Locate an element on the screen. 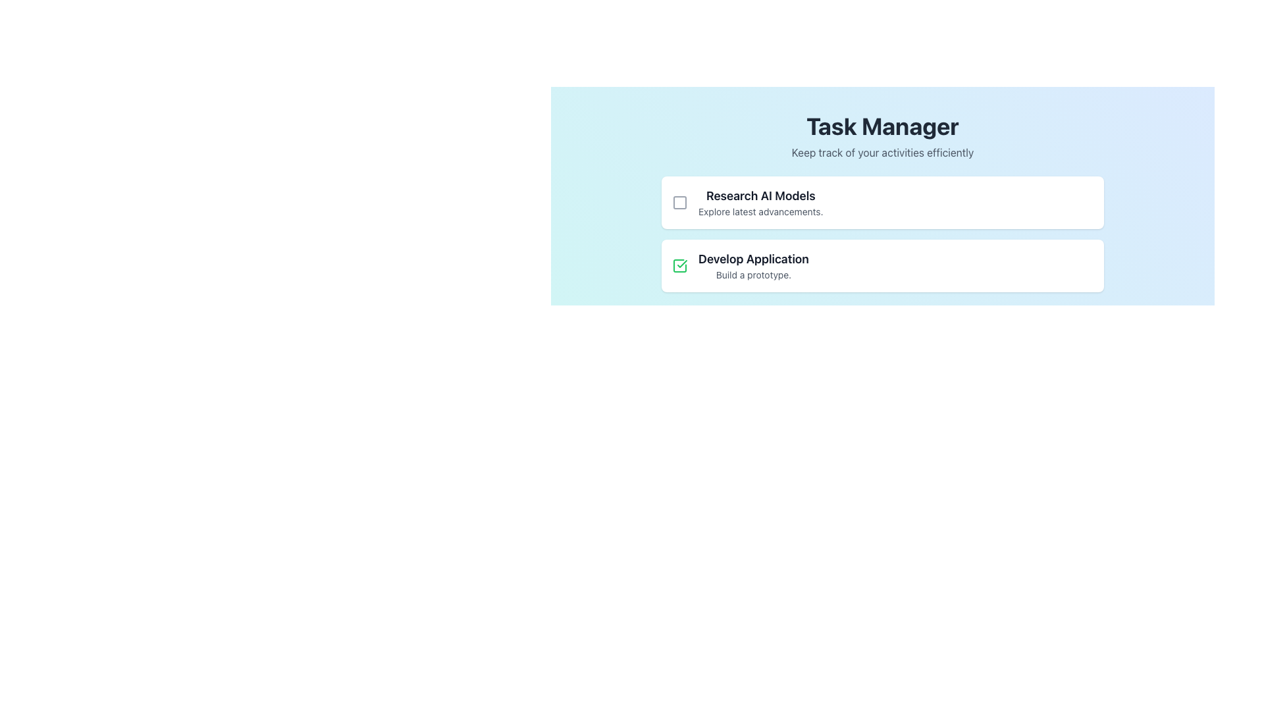 The image size is (1264, 711). the green checkbox with a check-mark located to the left of the 'Develop Application' text is located at coordinates (679, 266).